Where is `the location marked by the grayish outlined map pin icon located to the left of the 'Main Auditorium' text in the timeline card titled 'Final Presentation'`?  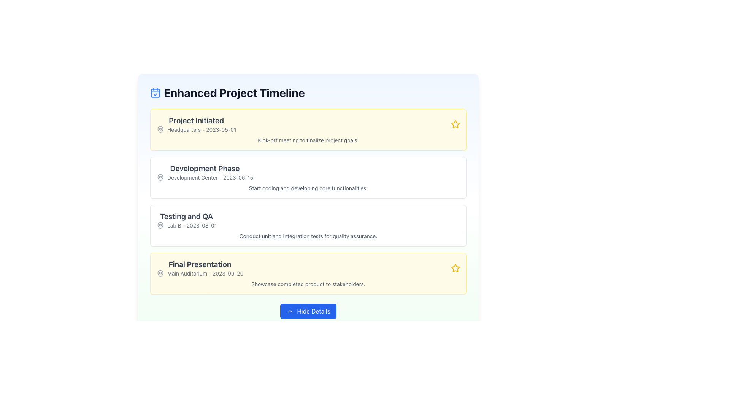
the location marked by the grayish outlined map pin icon located to the left of the 'Main Auditorium' text in the timeline card titled 'Final Presentation' is located at coordinates (160, 272).